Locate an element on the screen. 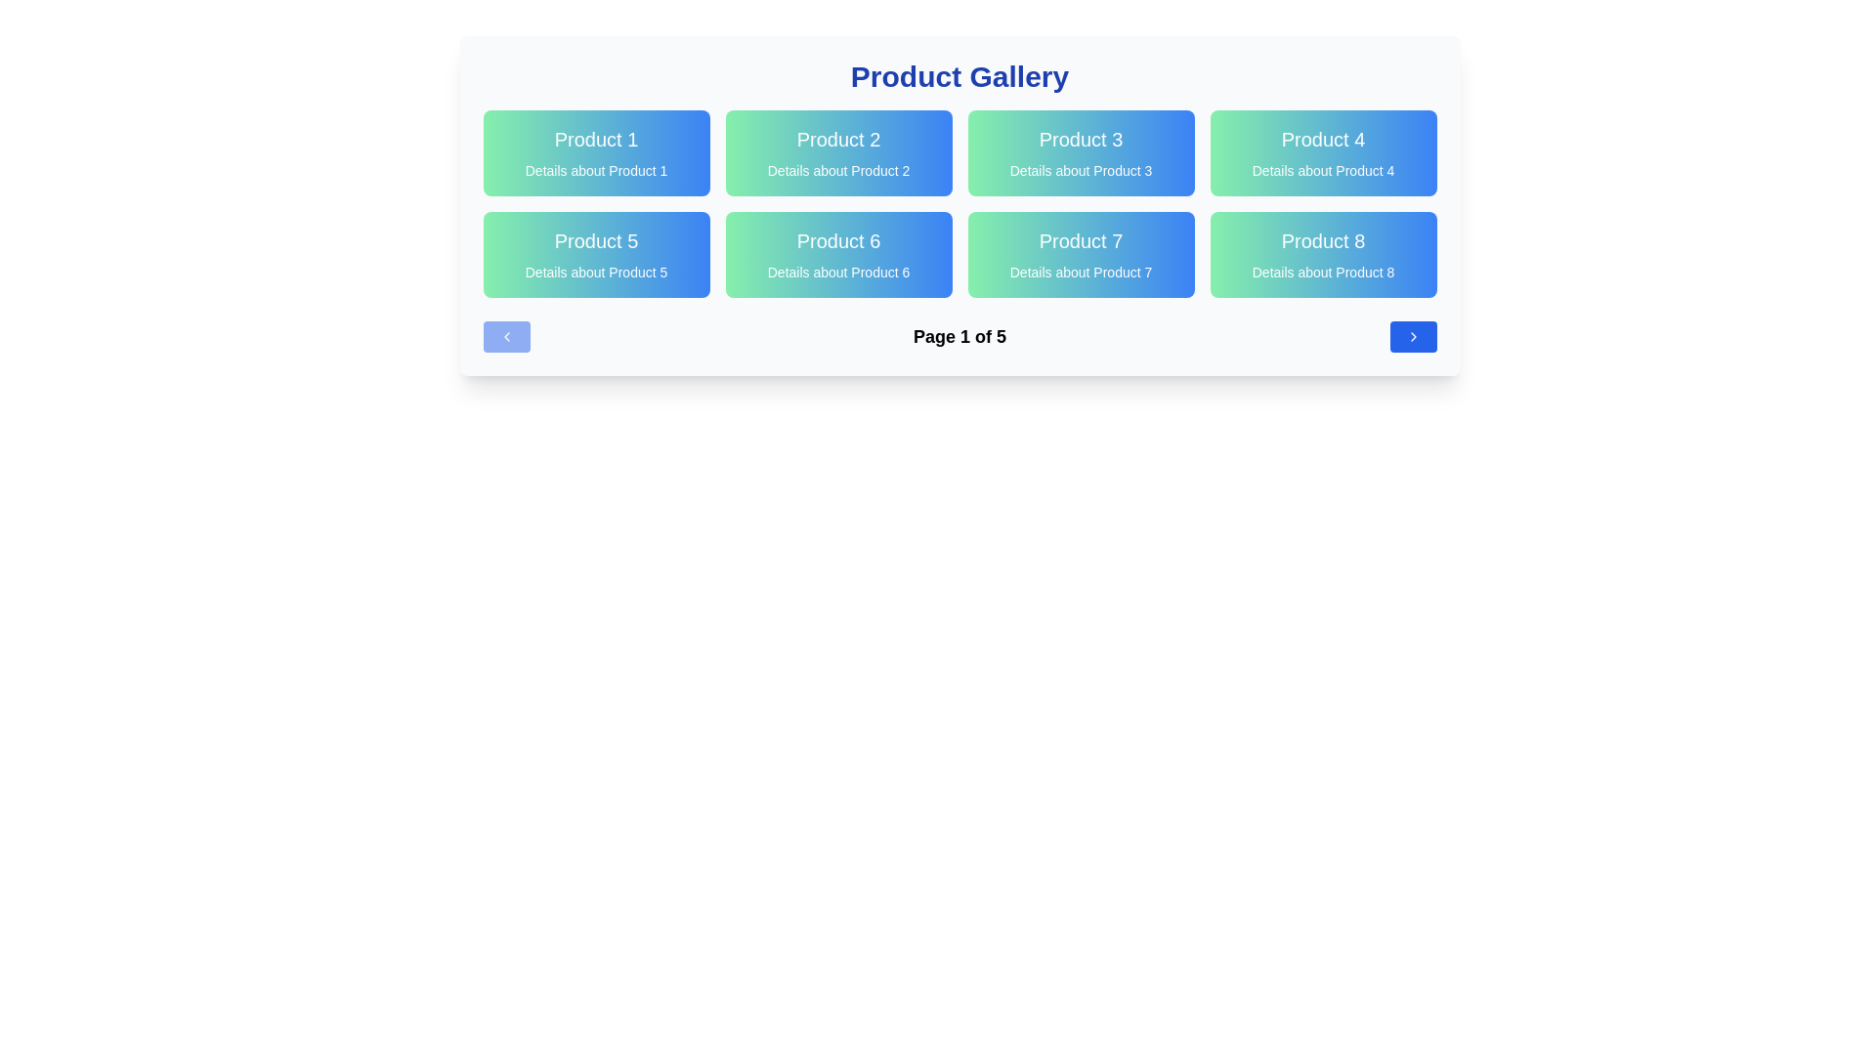 The image size is (1876, 1055). the text label displaying 'Product 5', which is styled with an extra-large font and centered within a gradient-colored background is located at coordinates (595, 239).